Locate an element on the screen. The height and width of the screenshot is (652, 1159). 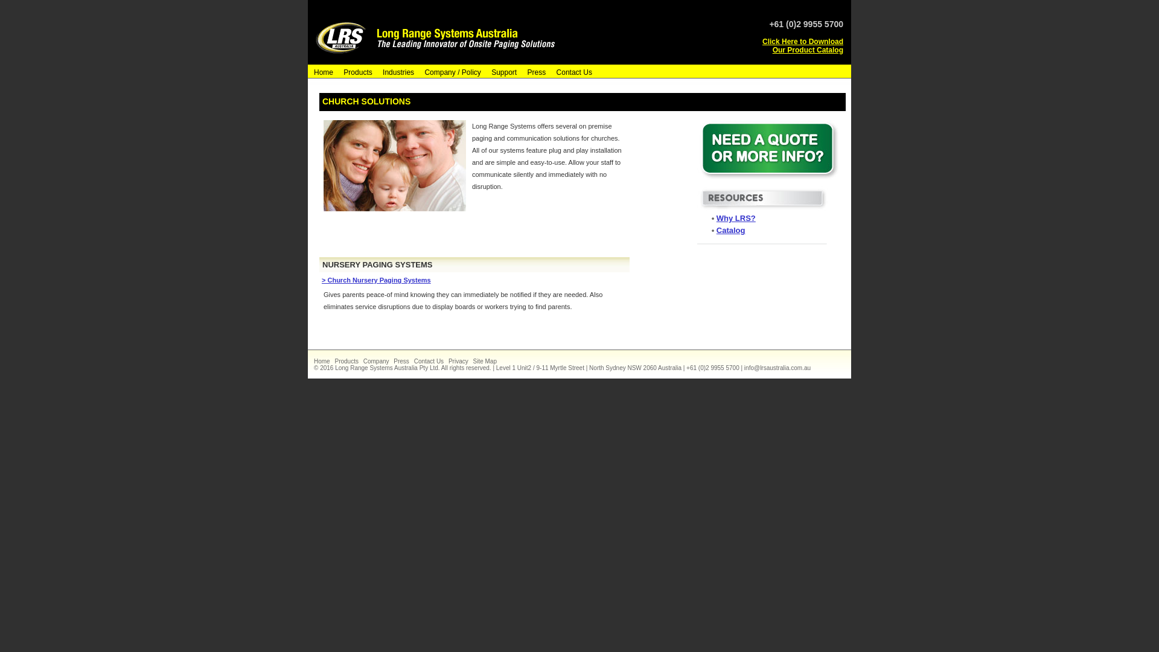
'Contact Us' is located at coordinates (430, 360).